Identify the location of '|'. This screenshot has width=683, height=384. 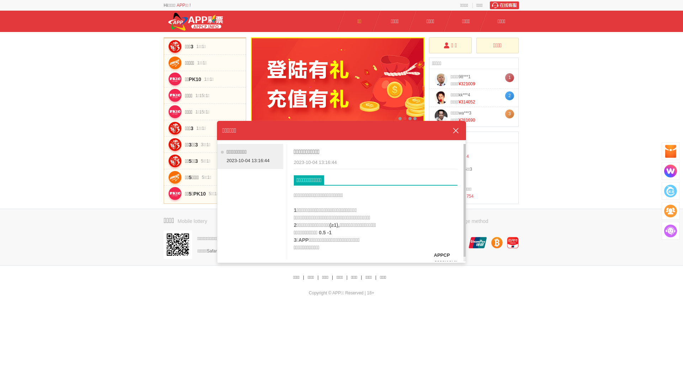
(375, 277).